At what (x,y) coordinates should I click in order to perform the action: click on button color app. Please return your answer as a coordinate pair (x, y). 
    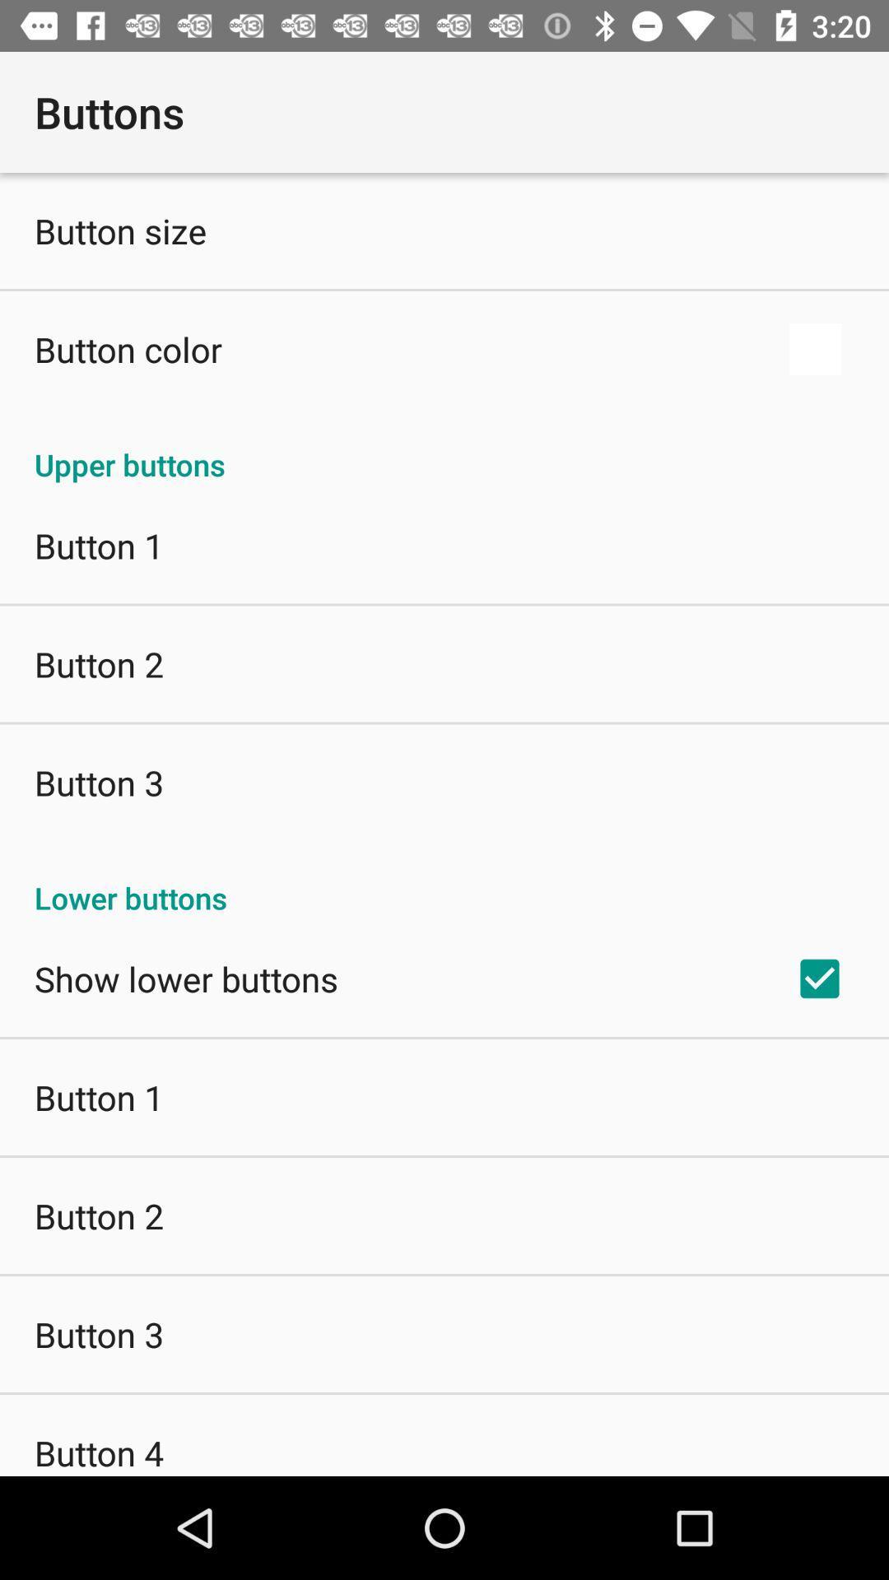
    Looking at the image, I should click on (127, 348).